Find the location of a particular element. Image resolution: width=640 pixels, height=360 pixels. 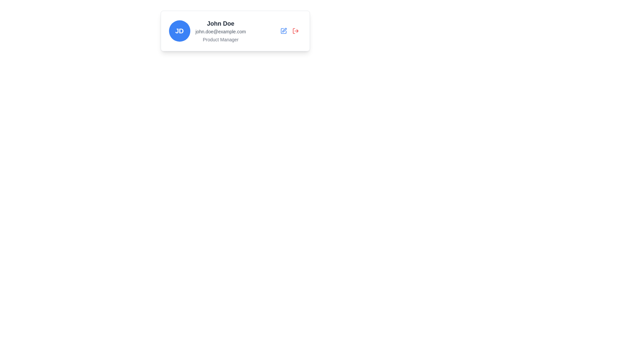

the circular blue badge with 'JD' in white bold uppercase letters is located at coordinates (179, 31).